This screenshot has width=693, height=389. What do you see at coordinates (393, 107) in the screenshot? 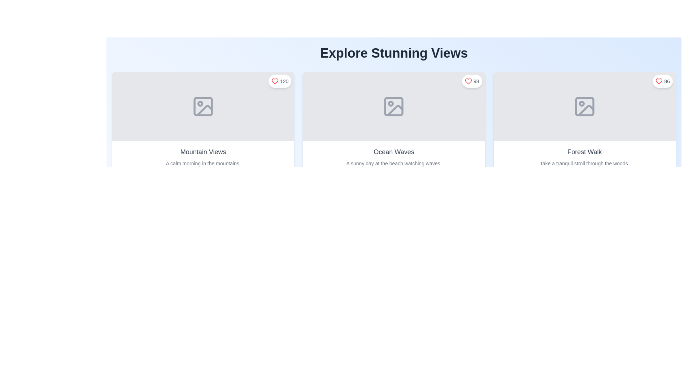
I see `the rectangular decorative component located at the center of the second card titled 'Ocean Waves', which serves as a foundational part of the image placeholder icon` at bounding box center [393, 107].